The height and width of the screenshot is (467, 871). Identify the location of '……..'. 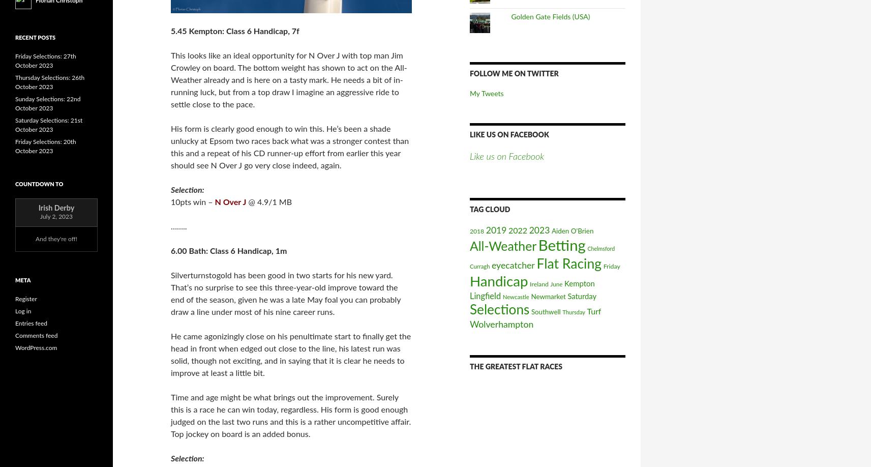
(170, 226).